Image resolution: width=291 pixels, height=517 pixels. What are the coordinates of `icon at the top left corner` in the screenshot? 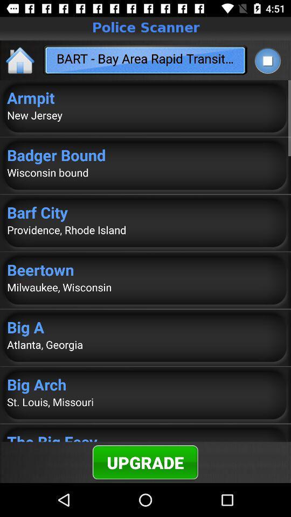 It's located at (20, 60).